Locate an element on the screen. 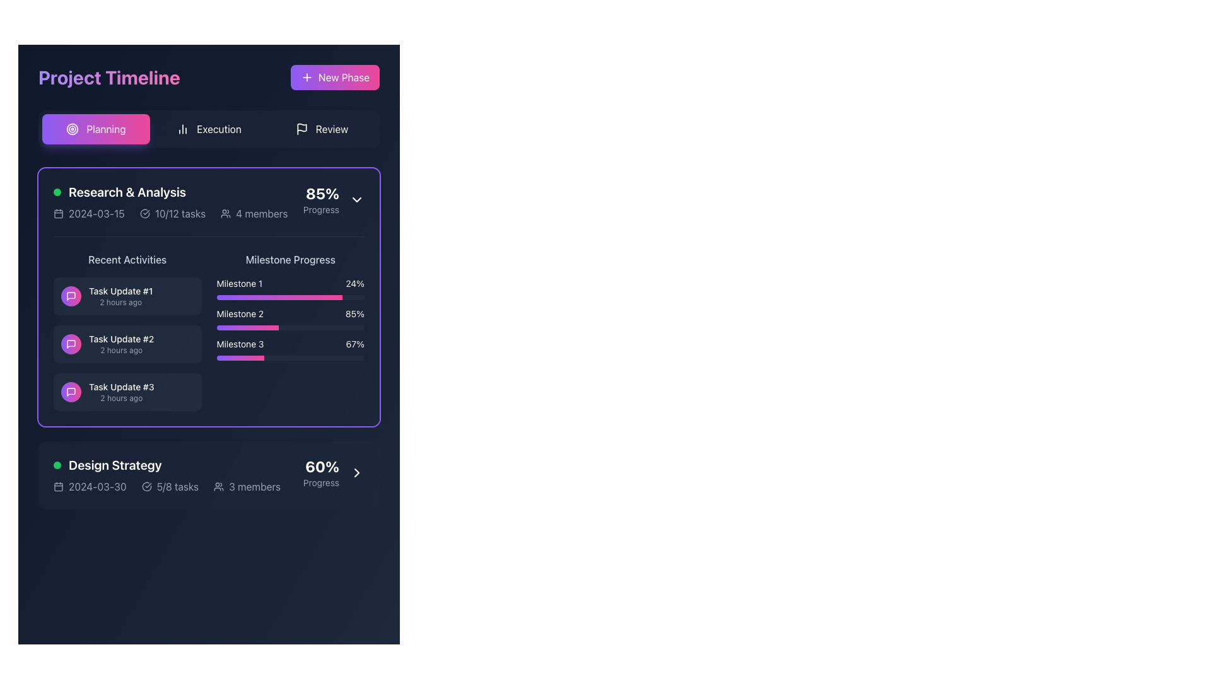 This screenshot has height=681, width=1211. the circular icon with a gradient pink and violet background, which is the leftmost element in the 'Planning' button of the navigation bar is located at coordinates (72, 129).